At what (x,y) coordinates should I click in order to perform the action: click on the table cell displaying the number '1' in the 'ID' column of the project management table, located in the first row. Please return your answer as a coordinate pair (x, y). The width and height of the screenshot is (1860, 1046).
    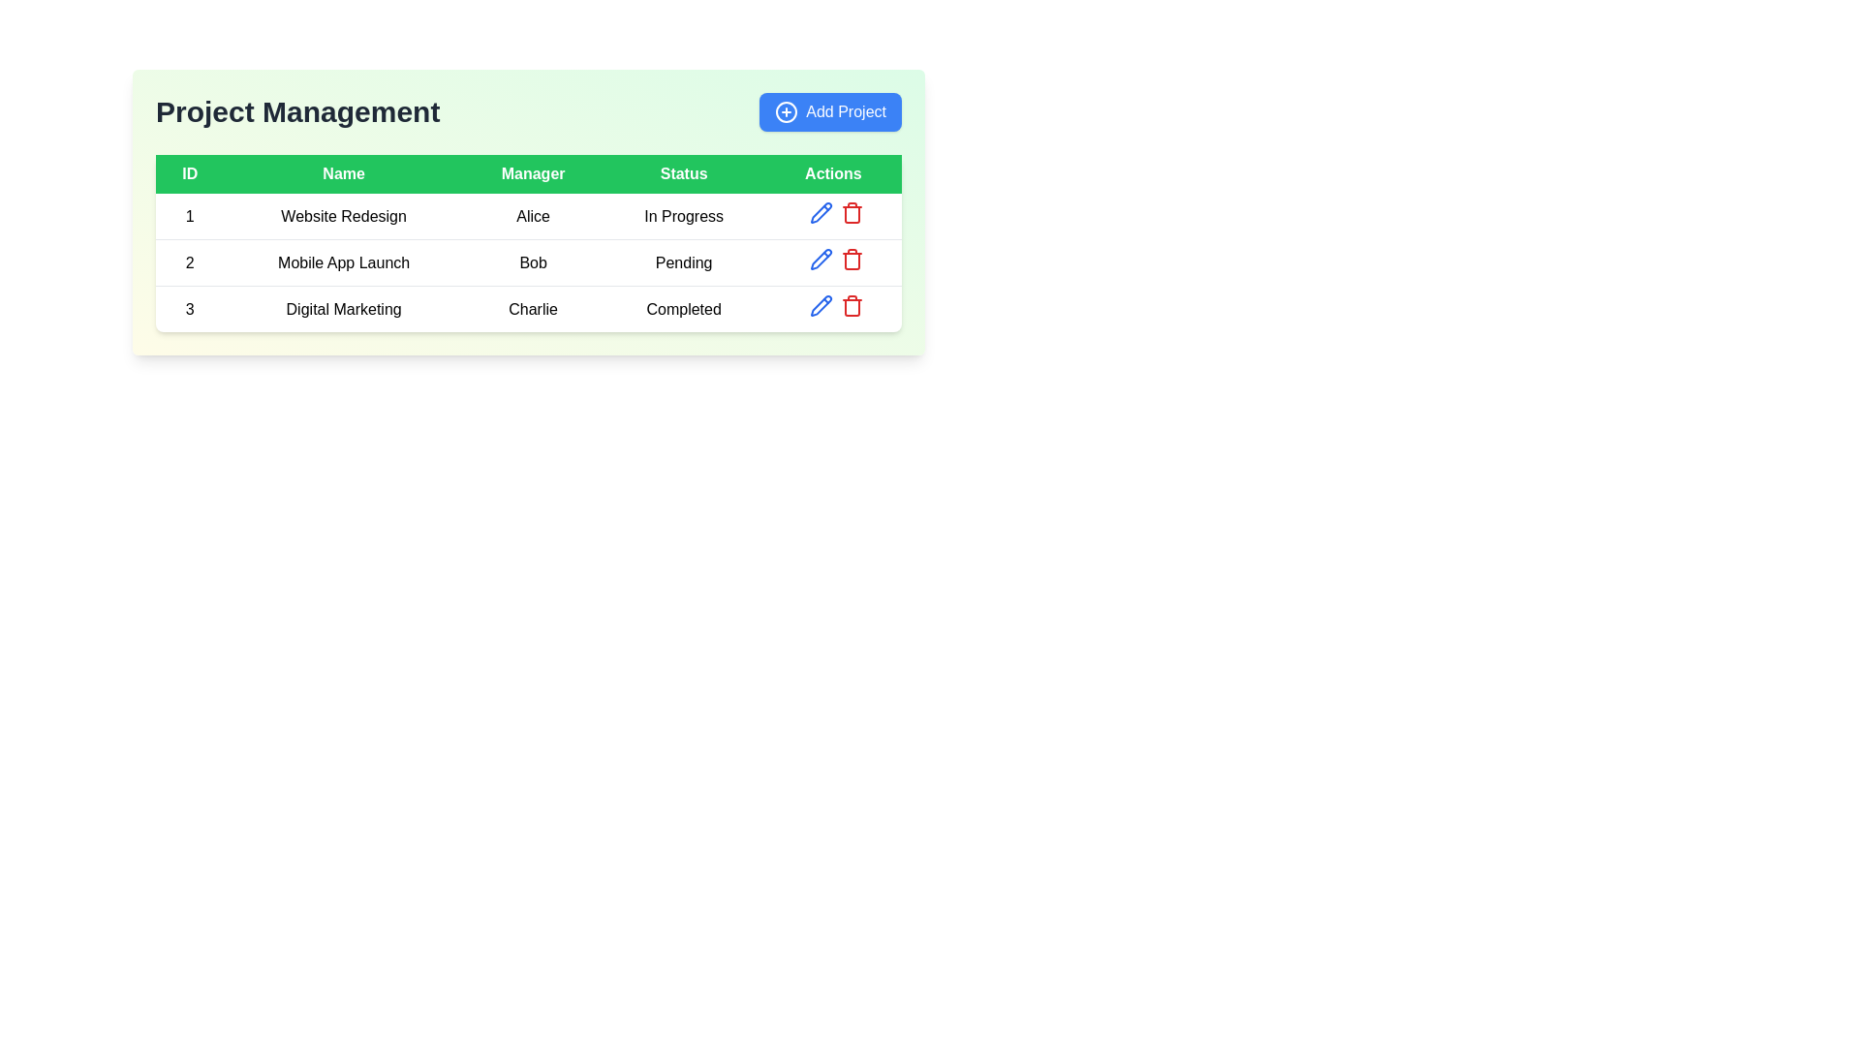
    Looking at the image, I should click on (190, 216).